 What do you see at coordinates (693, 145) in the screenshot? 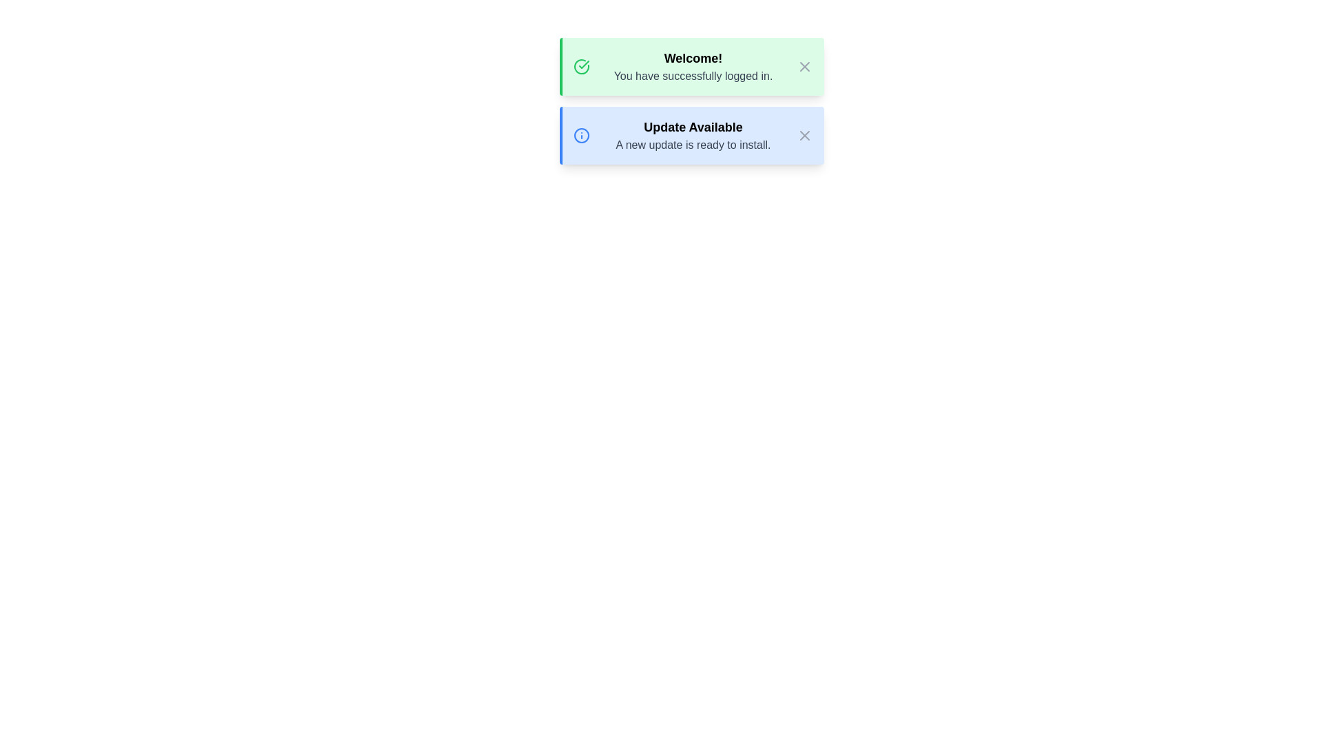
I see `the text block styled in gray containing 'A new update is ready to install.' located below the bold title 'Update Available.'` at bounding box center [693, 145].